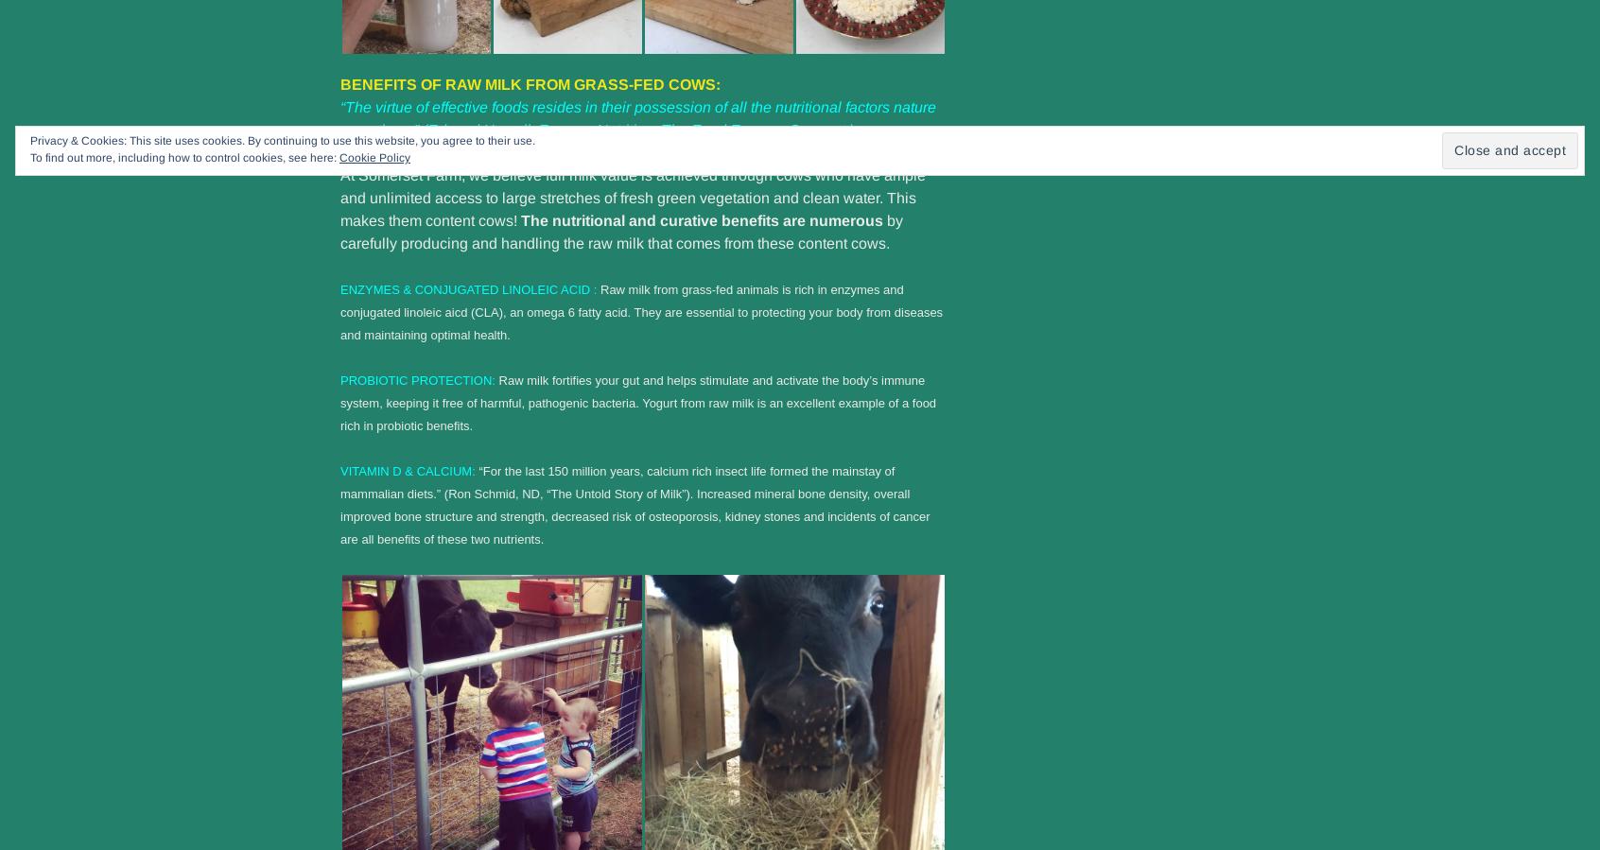 The height and width of the screenshot is (850, 1600). What do you see at coordinates (637, 116) in the screenshot?
I see `'“The virtue of effective foods resides in their possession of all the nutritional factors nature gave them.” (Edward Howell, Enzyme Nutrition: The Food Enzyme Concept.)'` at bounding box center [637, 116].